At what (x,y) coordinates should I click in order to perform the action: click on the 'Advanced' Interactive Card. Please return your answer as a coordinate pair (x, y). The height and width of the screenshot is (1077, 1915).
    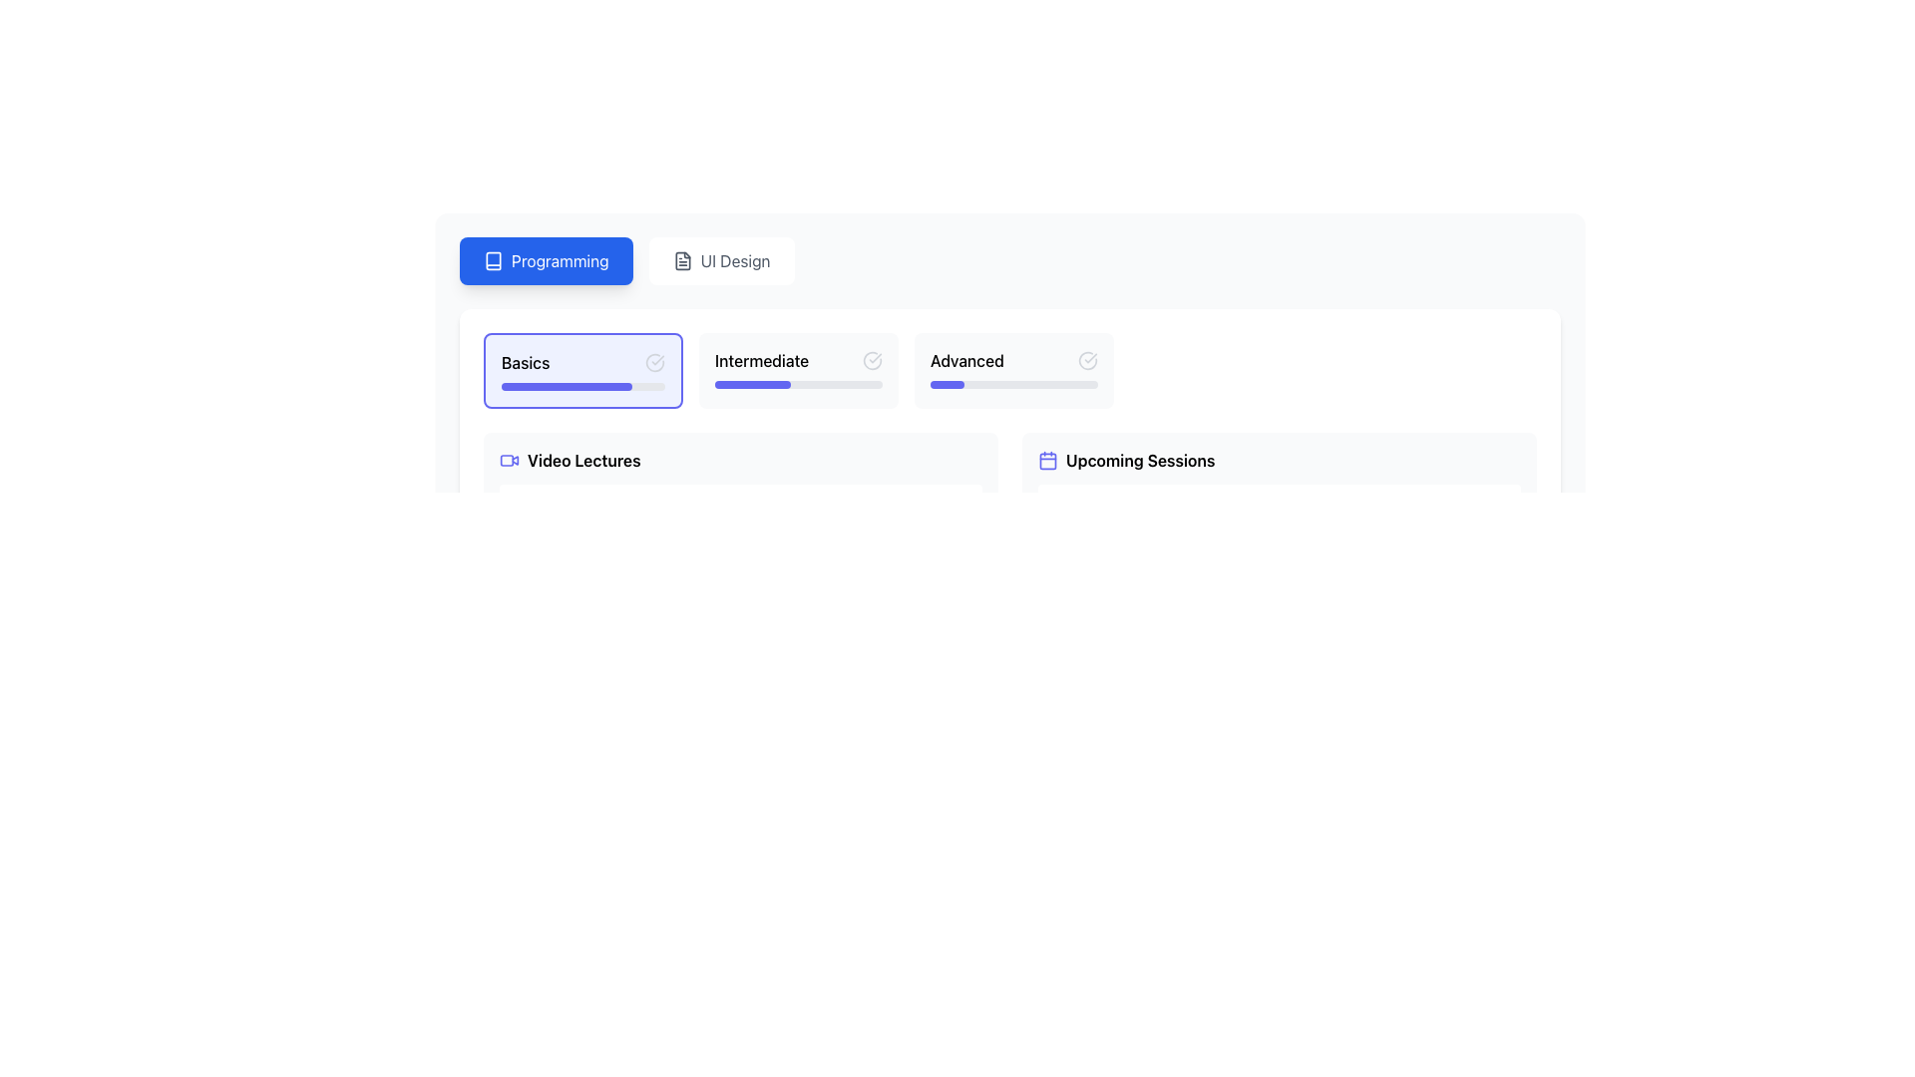
    Looking at the image, I should click on (1014, 370).